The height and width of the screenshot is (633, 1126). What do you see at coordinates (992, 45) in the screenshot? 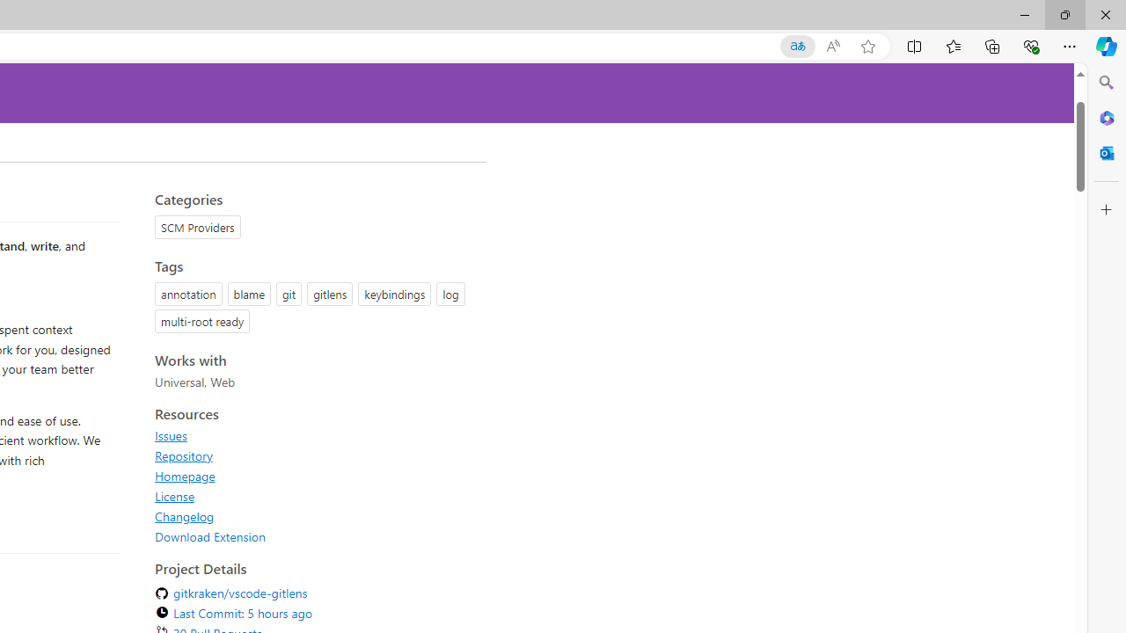
I see `'Collections'` at bounding box center [992, 45].